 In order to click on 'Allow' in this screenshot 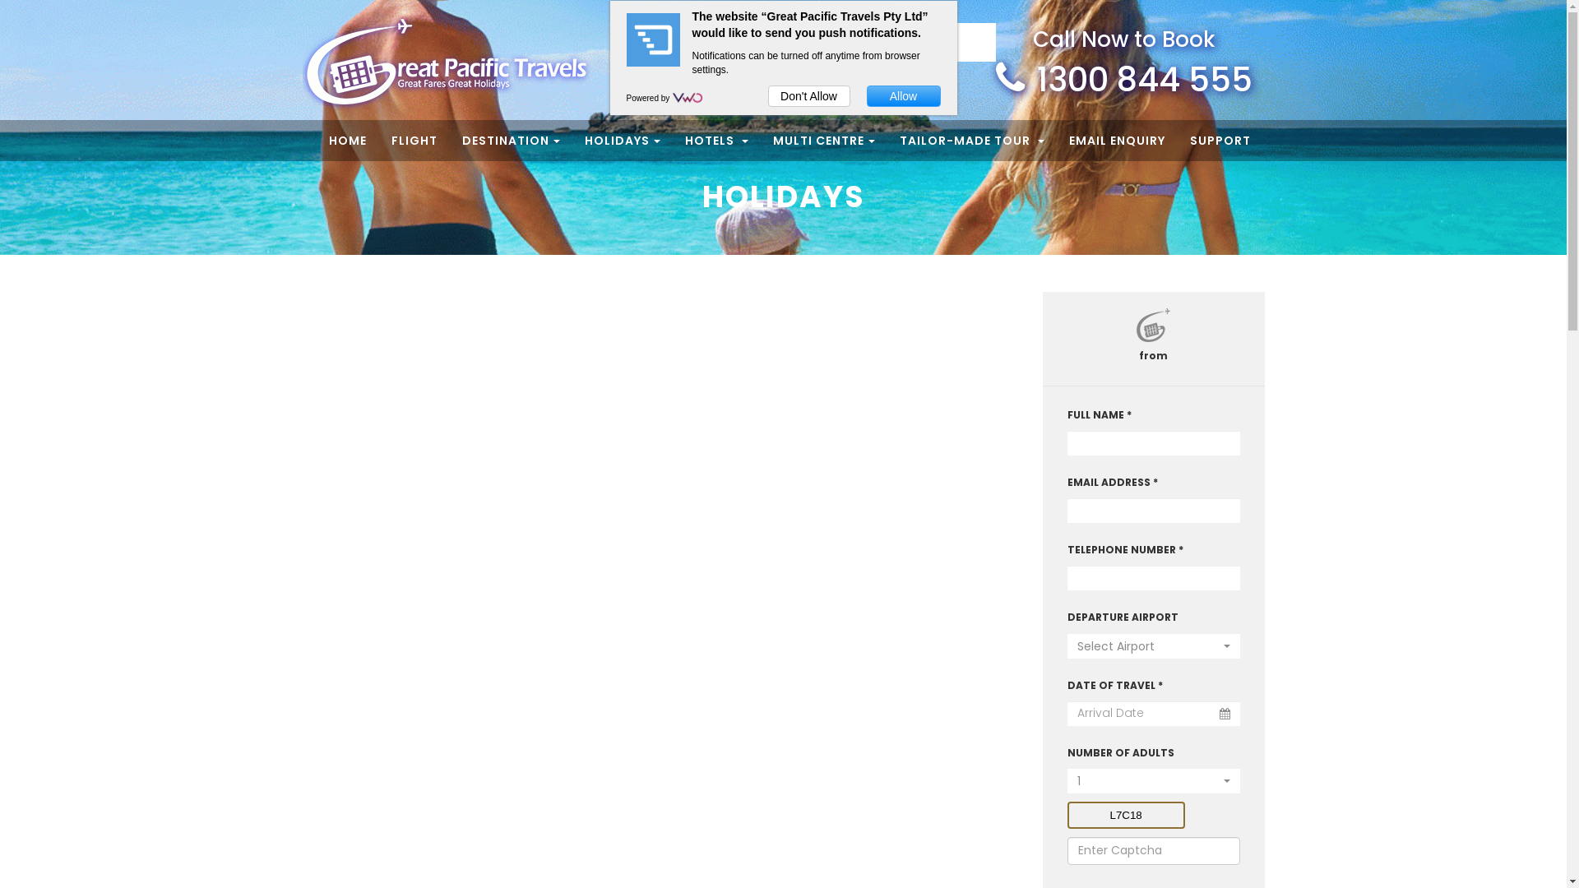, I will do `click(903, 95)`.